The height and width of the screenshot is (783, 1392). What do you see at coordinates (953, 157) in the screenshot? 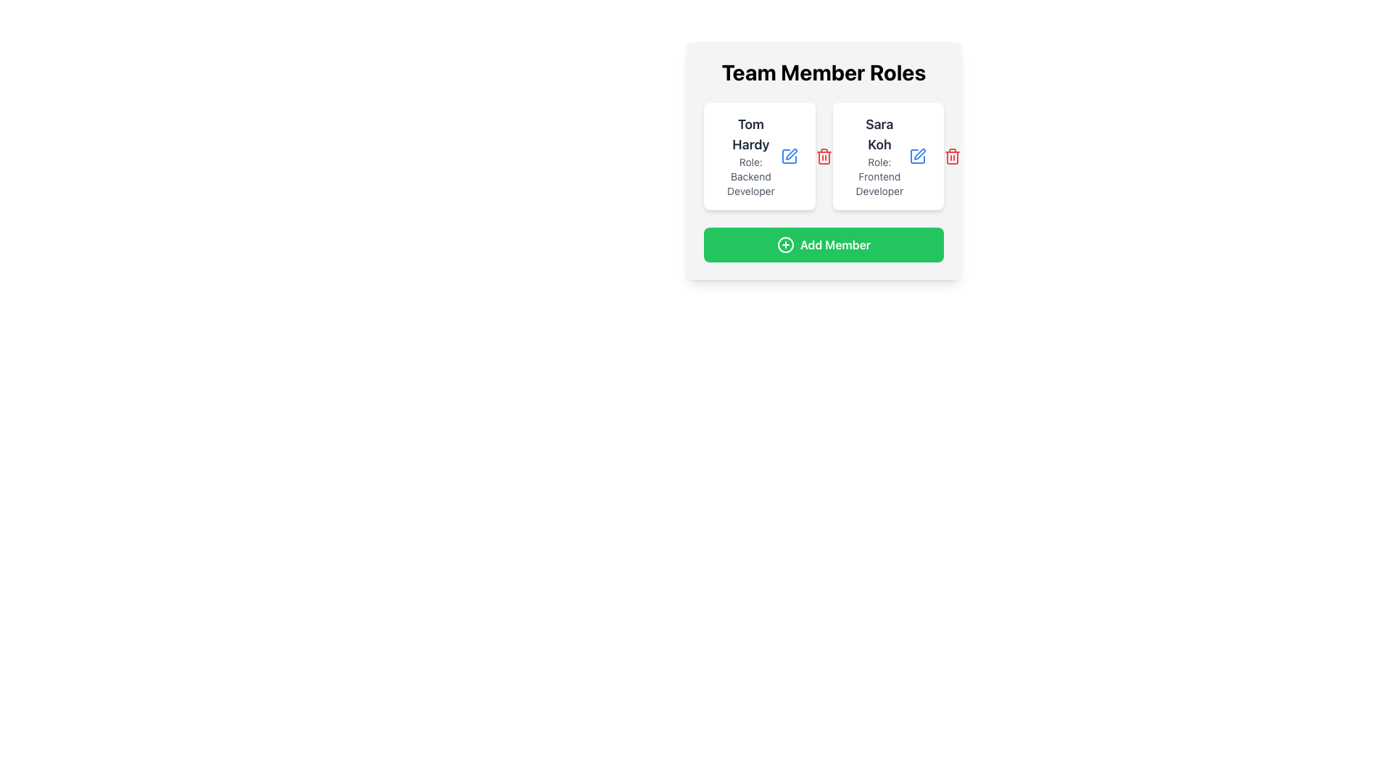
I see `the red trash can icon button located in the bottom-right corner of the card labeled 'Sara Koh'` at bounding box center [953, 157].